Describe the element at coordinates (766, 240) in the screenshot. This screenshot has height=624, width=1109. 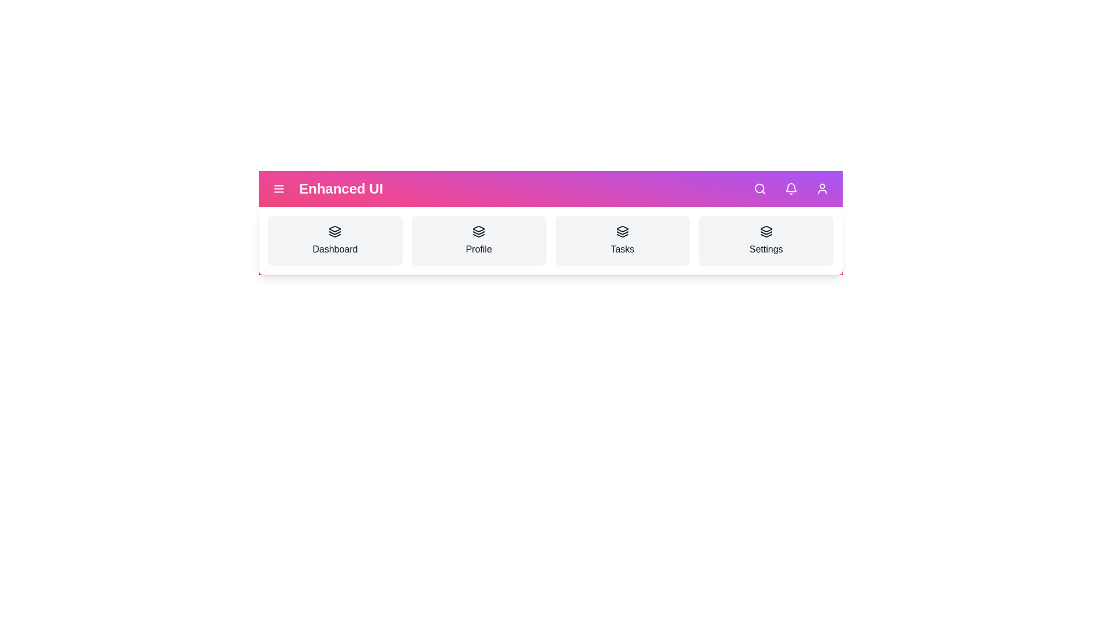
I see `the Settings link in the navigation bar` at that location.